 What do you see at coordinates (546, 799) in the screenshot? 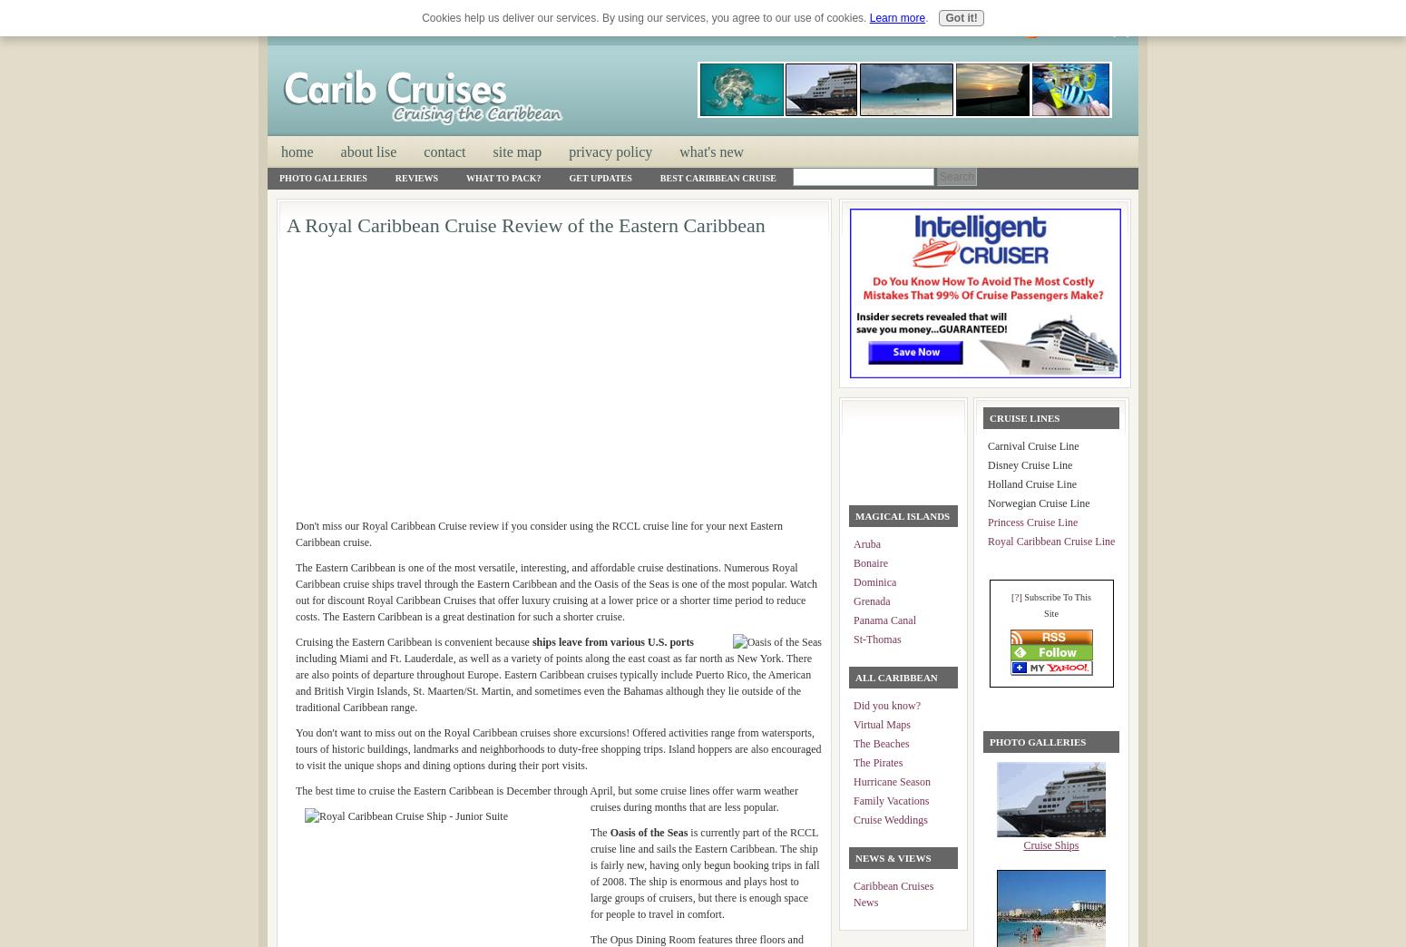
I see `'The best time to cruise the
Eastern Caribbean is December through April, but some cruise lines
offer warm weather cruises during months that are less popular.'` at bounding box center [546, 799].